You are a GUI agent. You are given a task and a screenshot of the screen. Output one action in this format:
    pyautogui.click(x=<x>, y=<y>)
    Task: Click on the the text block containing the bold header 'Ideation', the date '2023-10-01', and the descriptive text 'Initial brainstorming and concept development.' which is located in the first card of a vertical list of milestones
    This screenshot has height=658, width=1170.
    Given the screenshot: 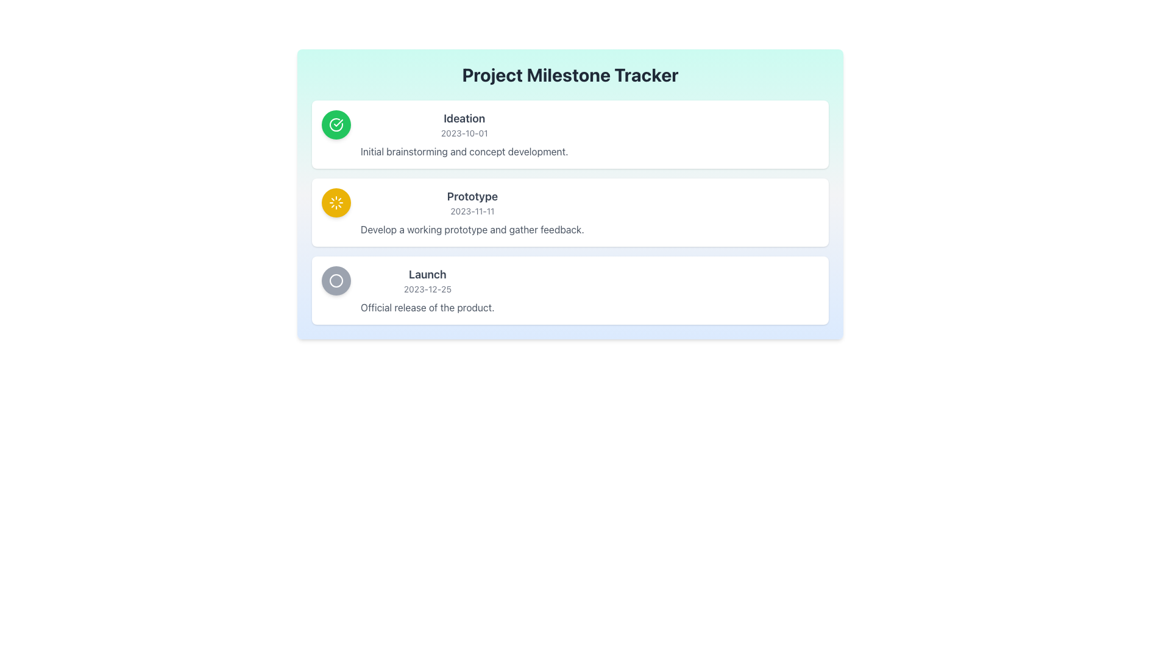 What is the action you would take?
    pyautogui.click(x=464, y=134)
    